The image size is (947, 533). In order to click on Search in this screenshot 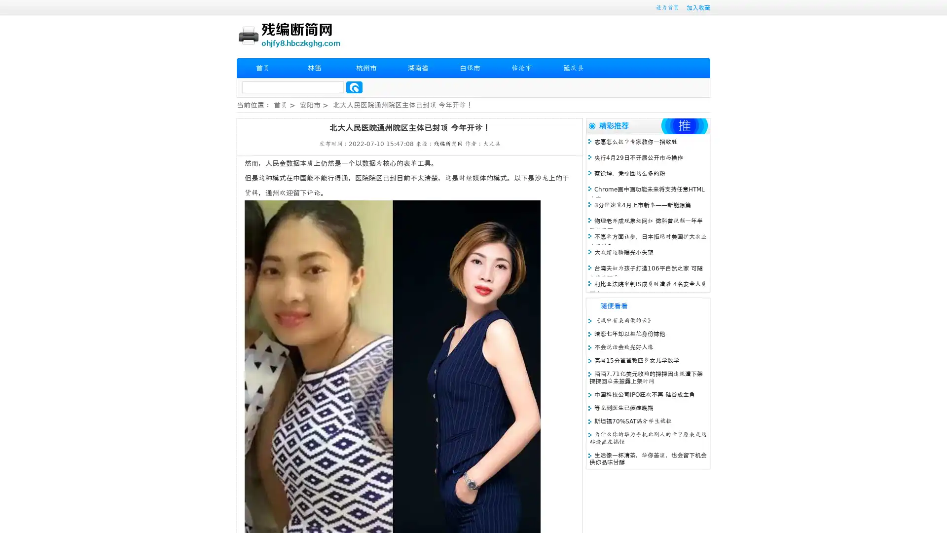, I will do `click(354, 87)`.